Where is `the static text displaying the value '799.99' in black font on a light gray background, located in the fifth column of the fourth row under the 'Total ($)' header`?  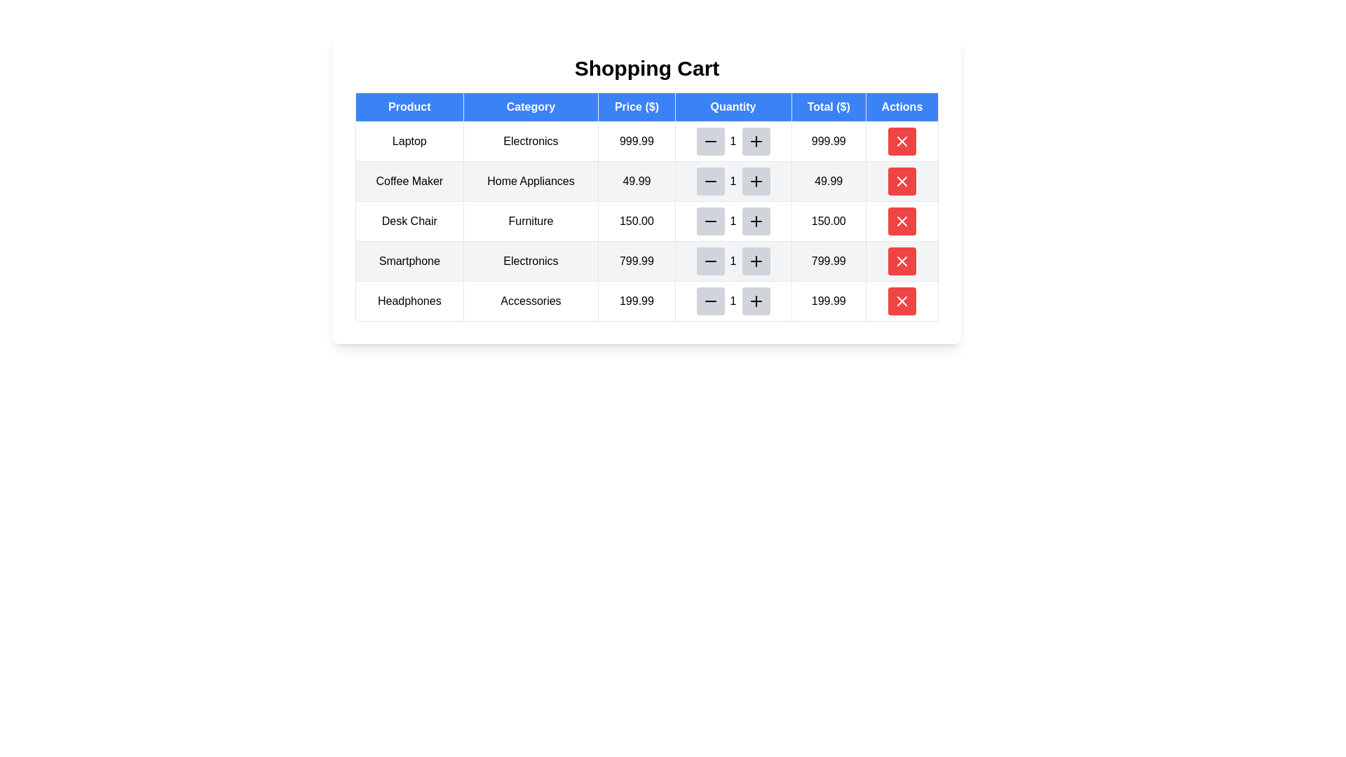 the static text displaying the value '799.99' in black font on a light gray background, located in the fifth column of the fourth row under the 'Total ($)' header is located at coordinates (829, 261).